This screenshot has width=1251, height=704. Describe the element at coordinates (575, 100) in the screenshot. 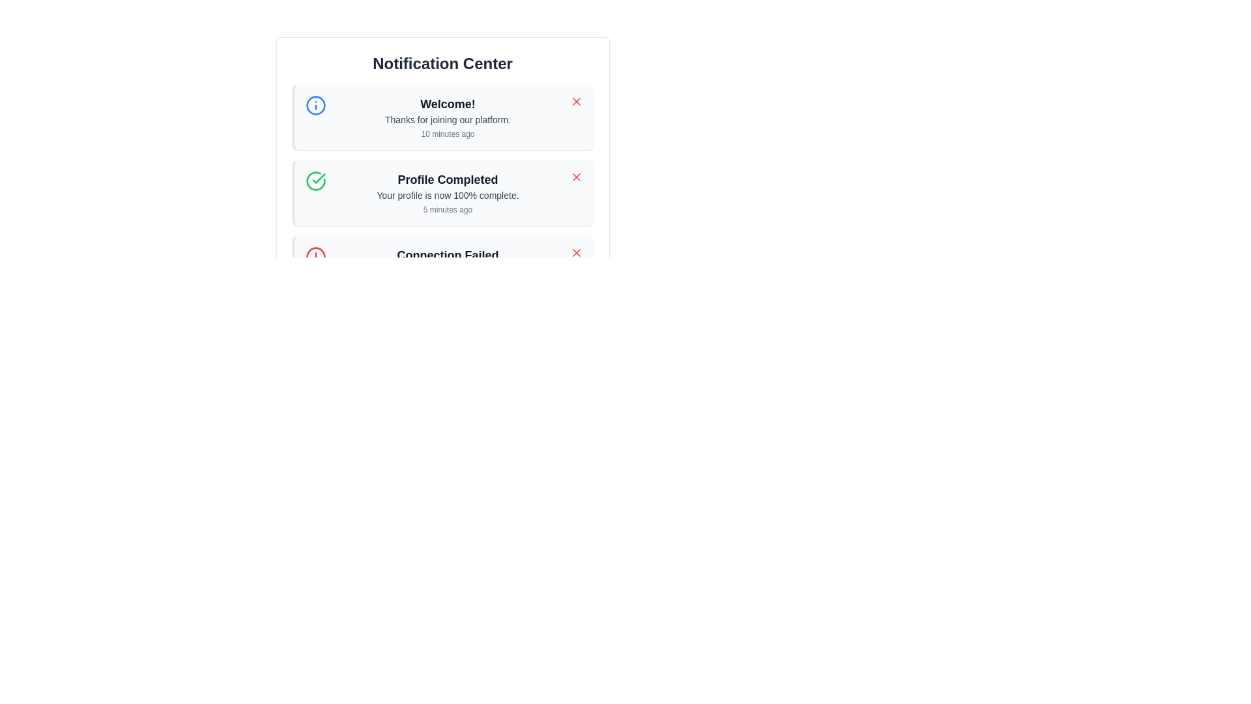

I see `the red cross icon button` at that location.